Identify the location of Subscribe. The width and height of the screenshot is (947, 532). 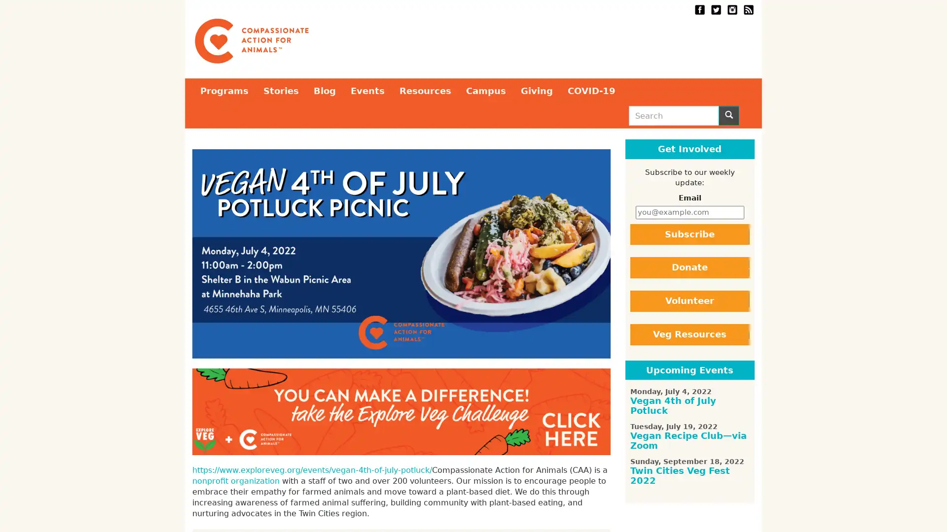
(689, 234).